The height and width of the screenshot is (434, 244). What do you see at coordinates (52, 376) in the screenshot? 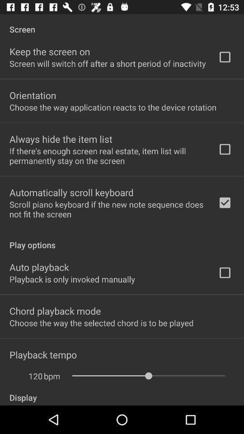
I see `the icon next to the 120 app` at bounding box center [52, 376].